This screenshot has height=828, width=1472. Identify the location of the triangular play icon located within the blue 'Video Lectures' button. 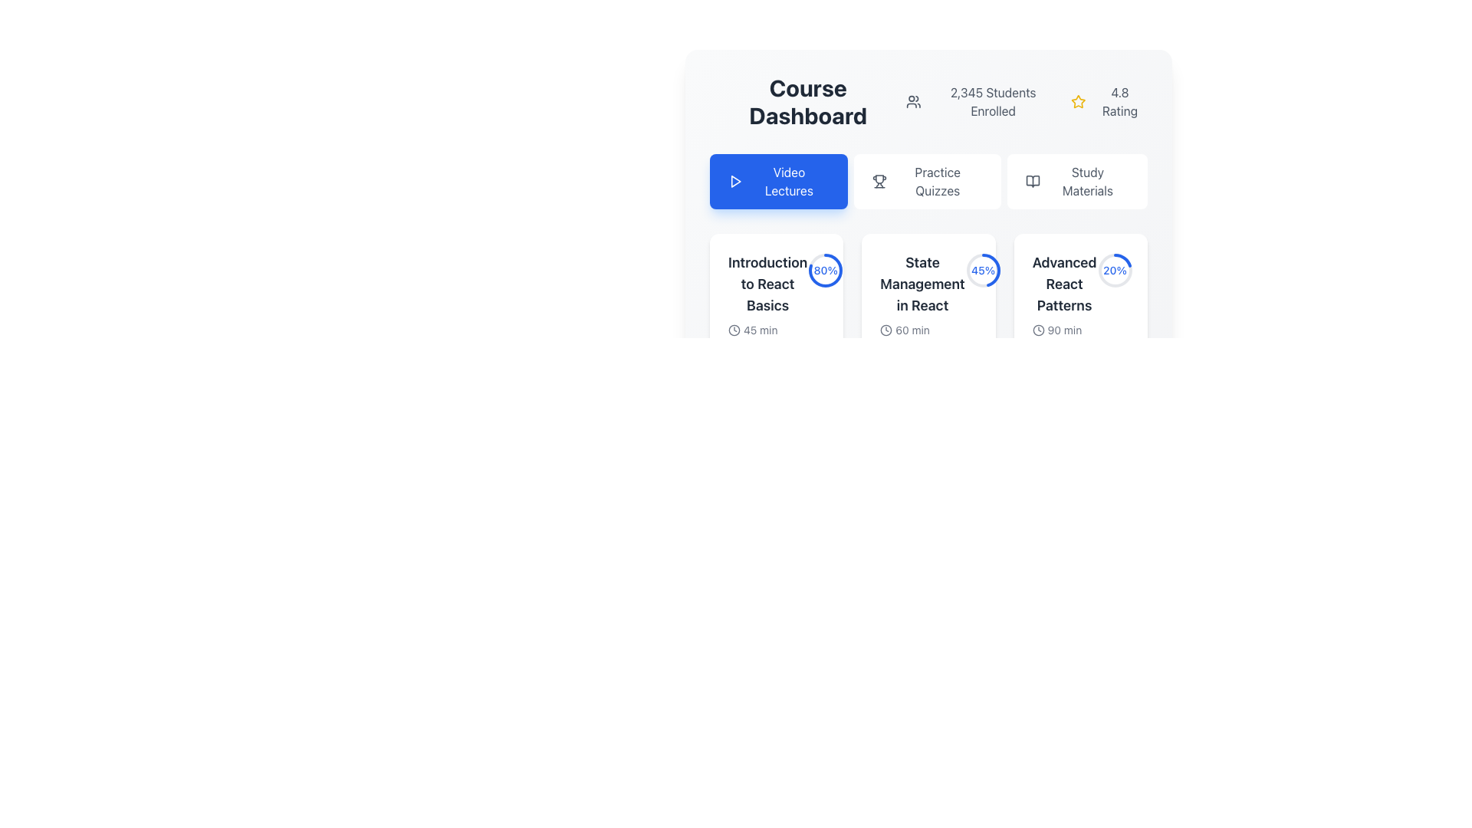
(734, 180).